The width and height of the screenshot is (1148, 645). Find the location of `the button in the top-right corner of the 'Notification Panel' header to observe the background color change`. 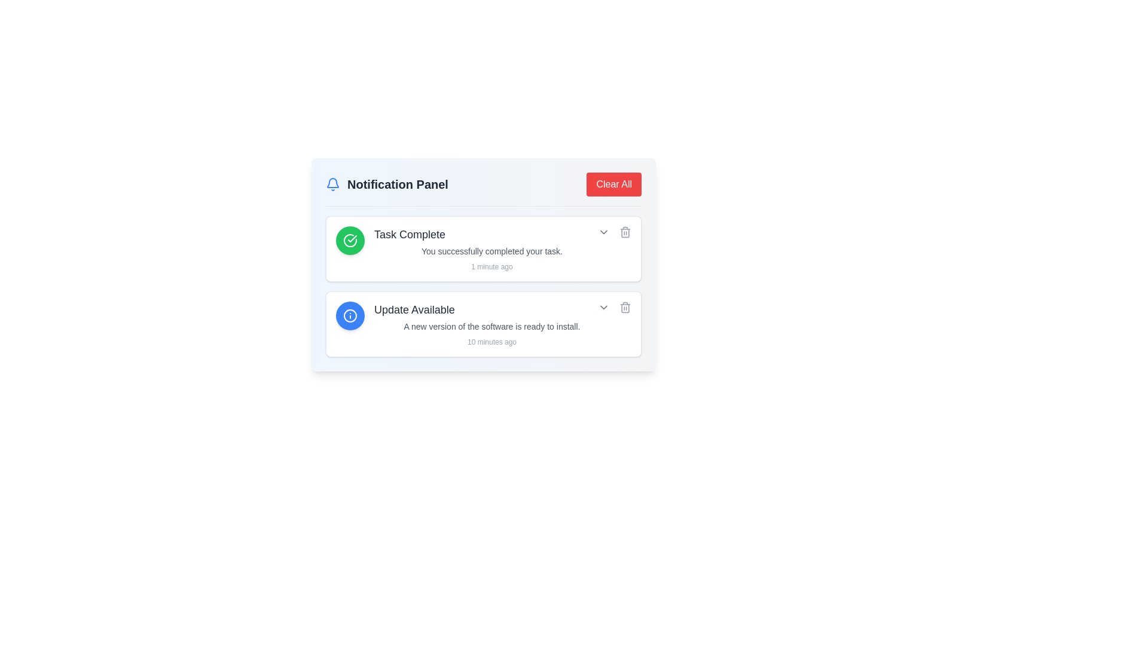

the button in the top-right corner of the 'Notification Panel' header to observe the background color change is located at coordinates (614, 184).